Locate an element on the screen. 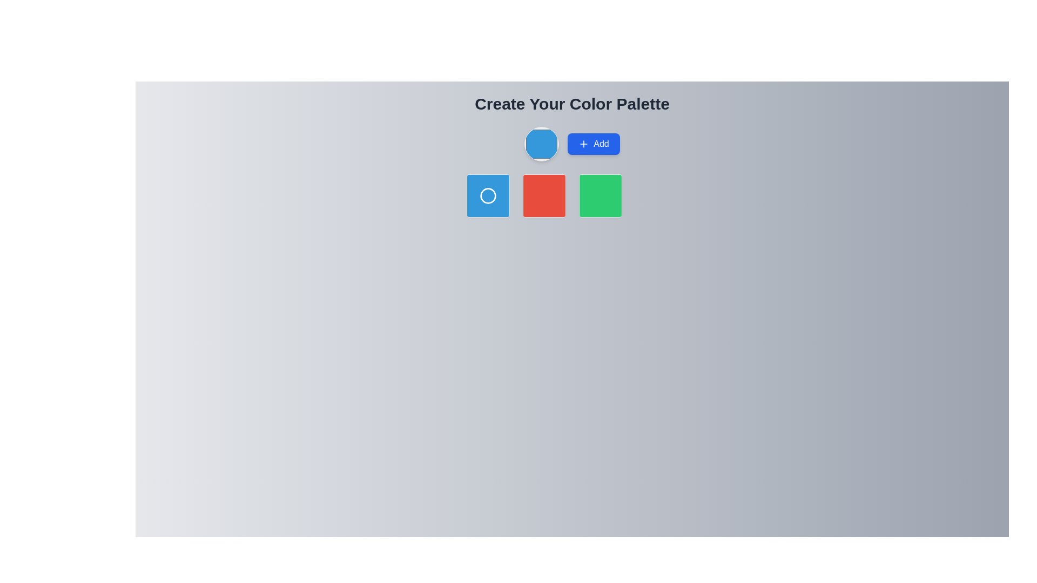 The width and height of the screenshot is (1037, 583). the selectable grid item element with a green background located in the bottom right of the grid, which is part of the 'Create Your Color Palette' section is located at coordinates (600, 195).